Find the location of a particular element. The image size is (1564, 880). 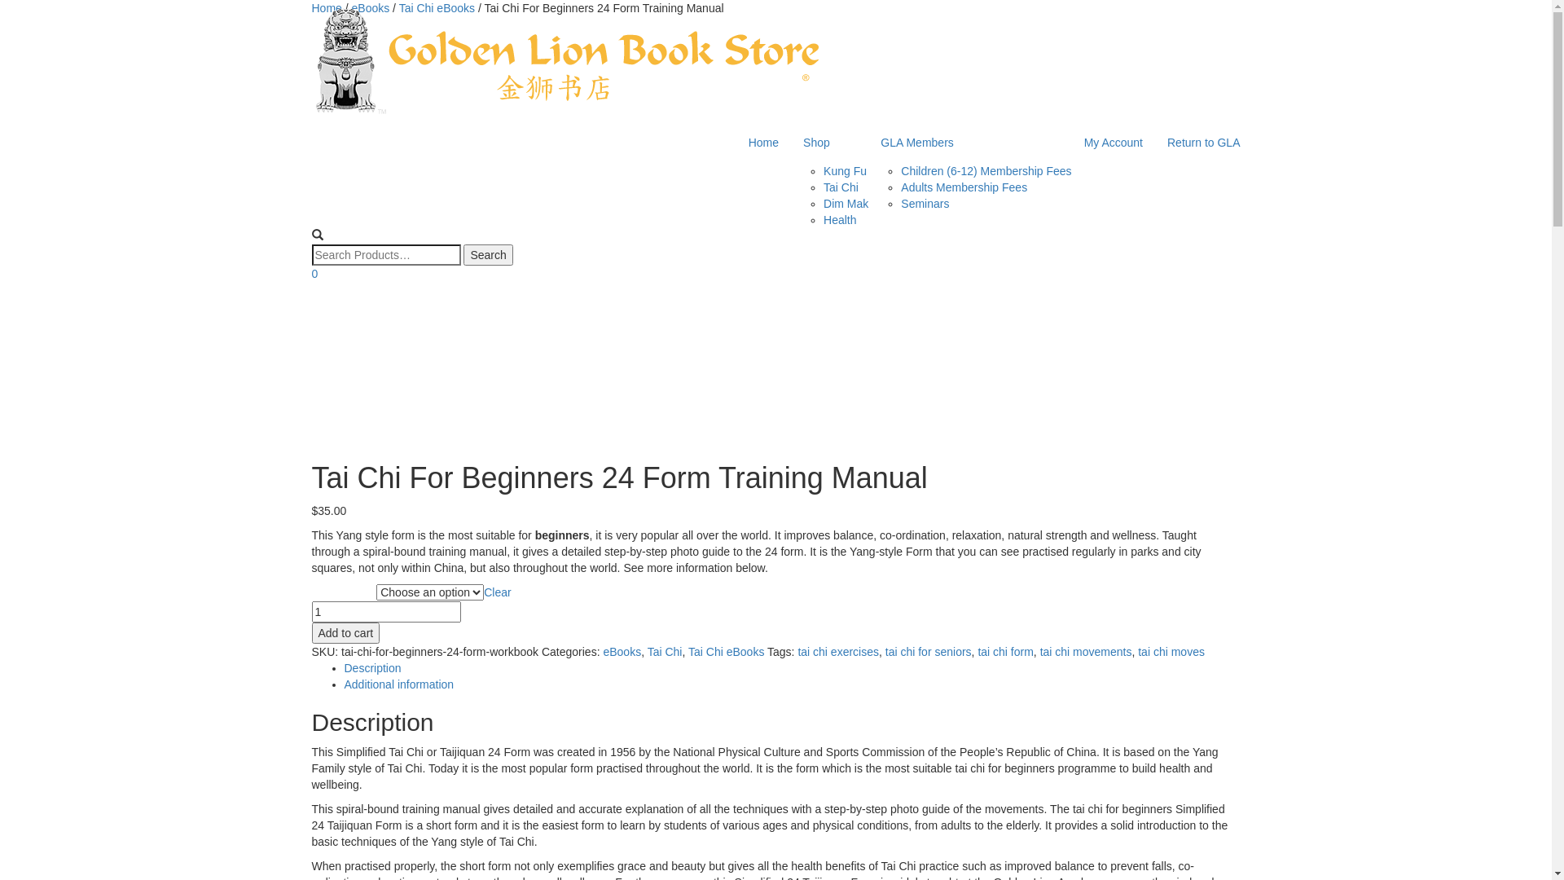

'Tai Chi' is located at coordinates (647, 650).